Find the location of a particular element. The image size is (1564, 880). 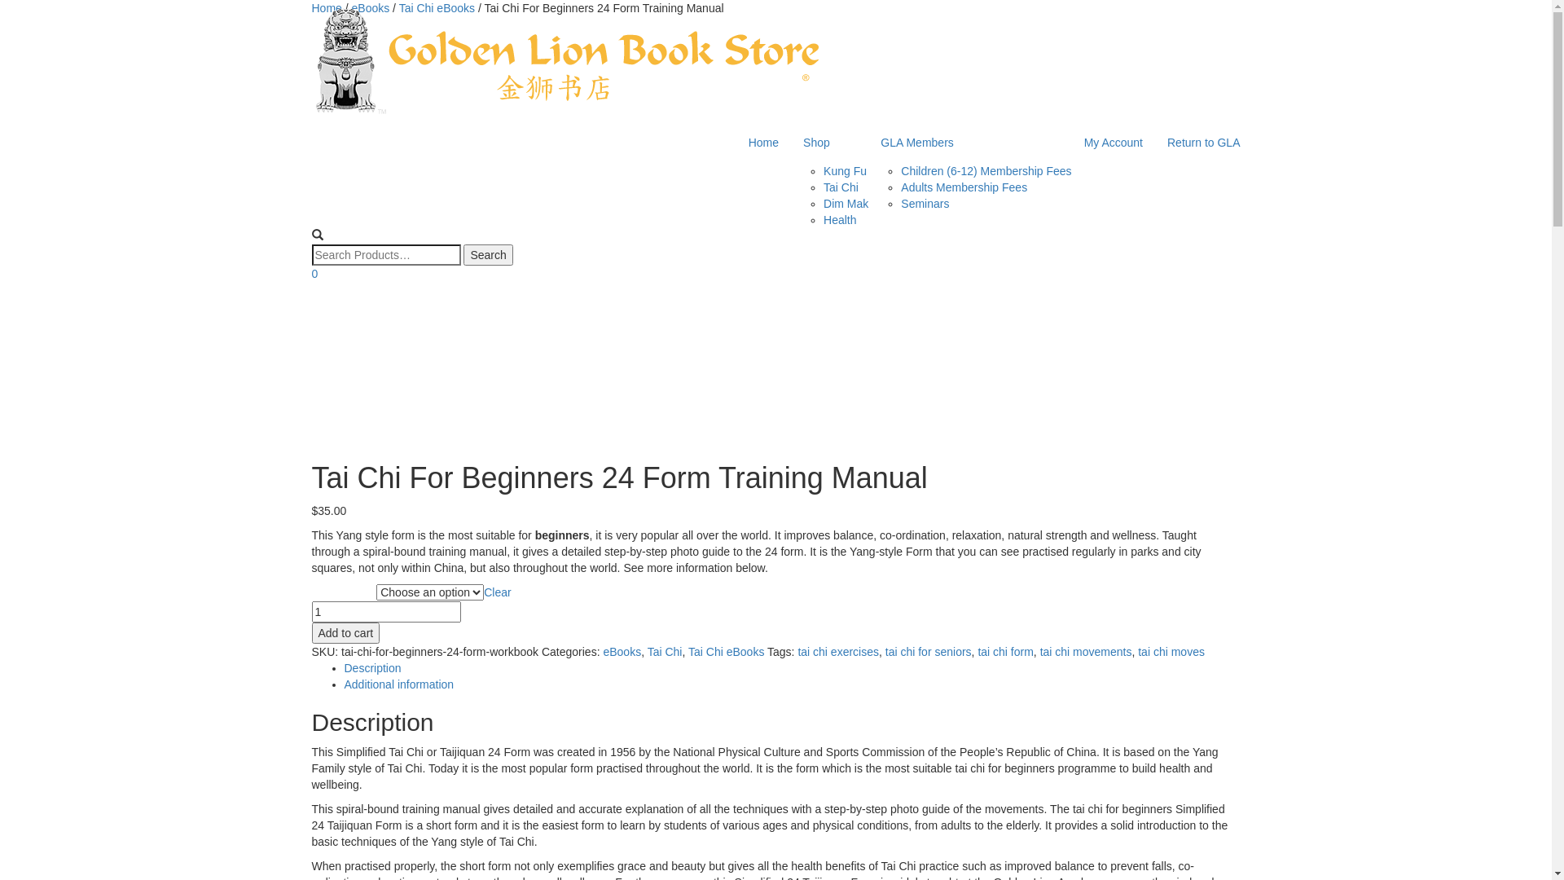

'Tai Chi' is located at coordinates (647, 650).